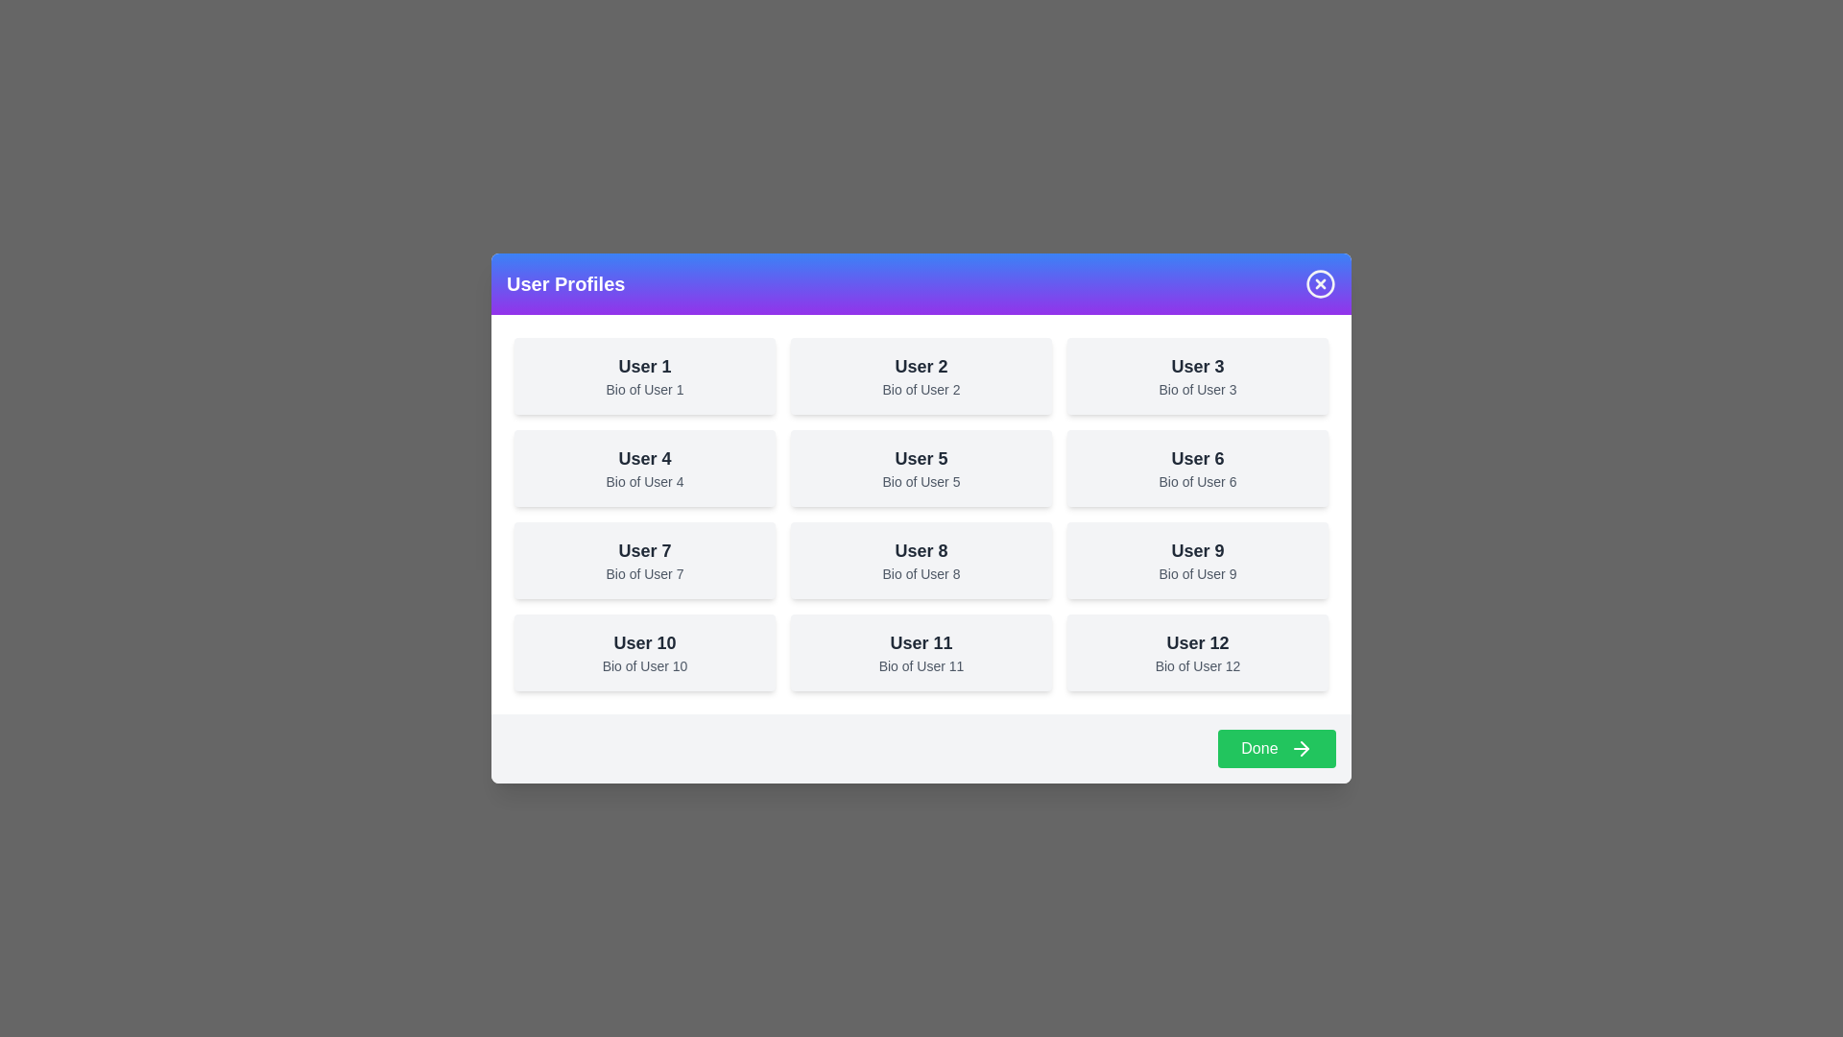 The image size is (1843, 1037). Describe the element at coordinates (1320, 283) in the screenshot. I see `the close button in the top-right corner of the UserProfileGridDialog` at that location.